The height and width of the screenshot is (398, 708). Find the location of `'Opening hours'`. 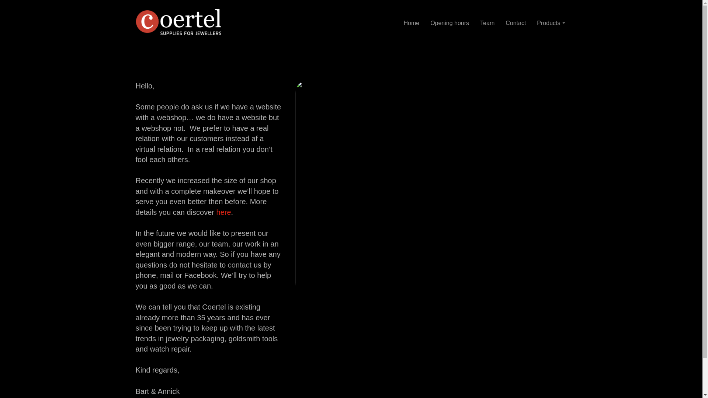

'Opening hours' is located at coordinates (449, 22).